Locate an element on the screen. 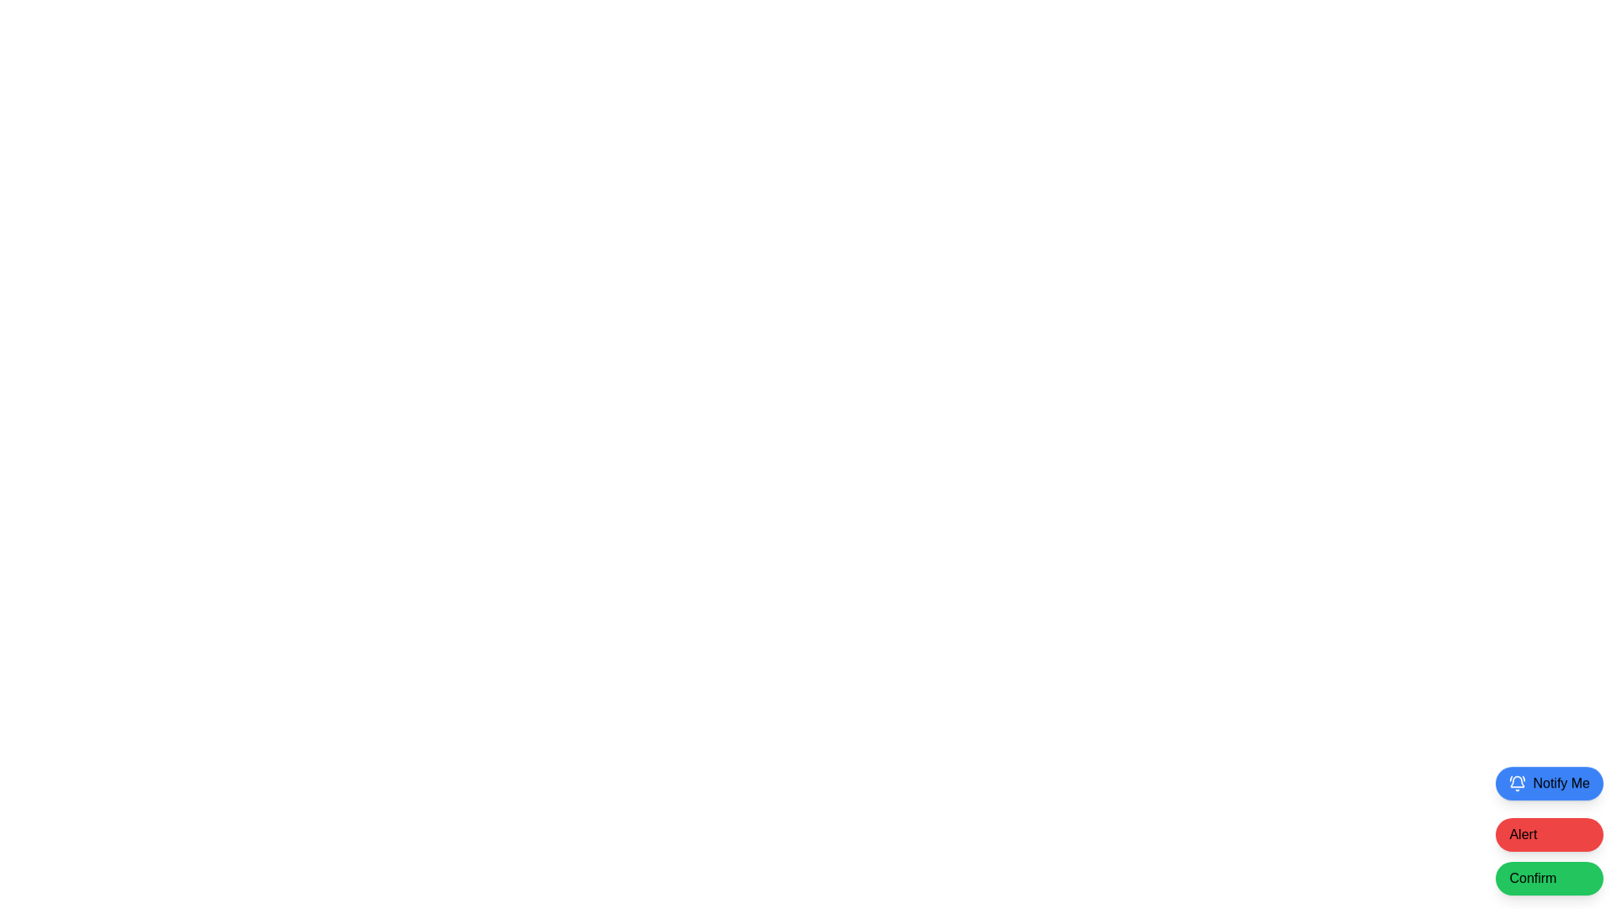 This screenshot has height=909, width=1617. the 'Alert' button, which is the second button in a vertical stack of three buttons located at the bottom right corner of the interface is located at coordinates (1550, 834).